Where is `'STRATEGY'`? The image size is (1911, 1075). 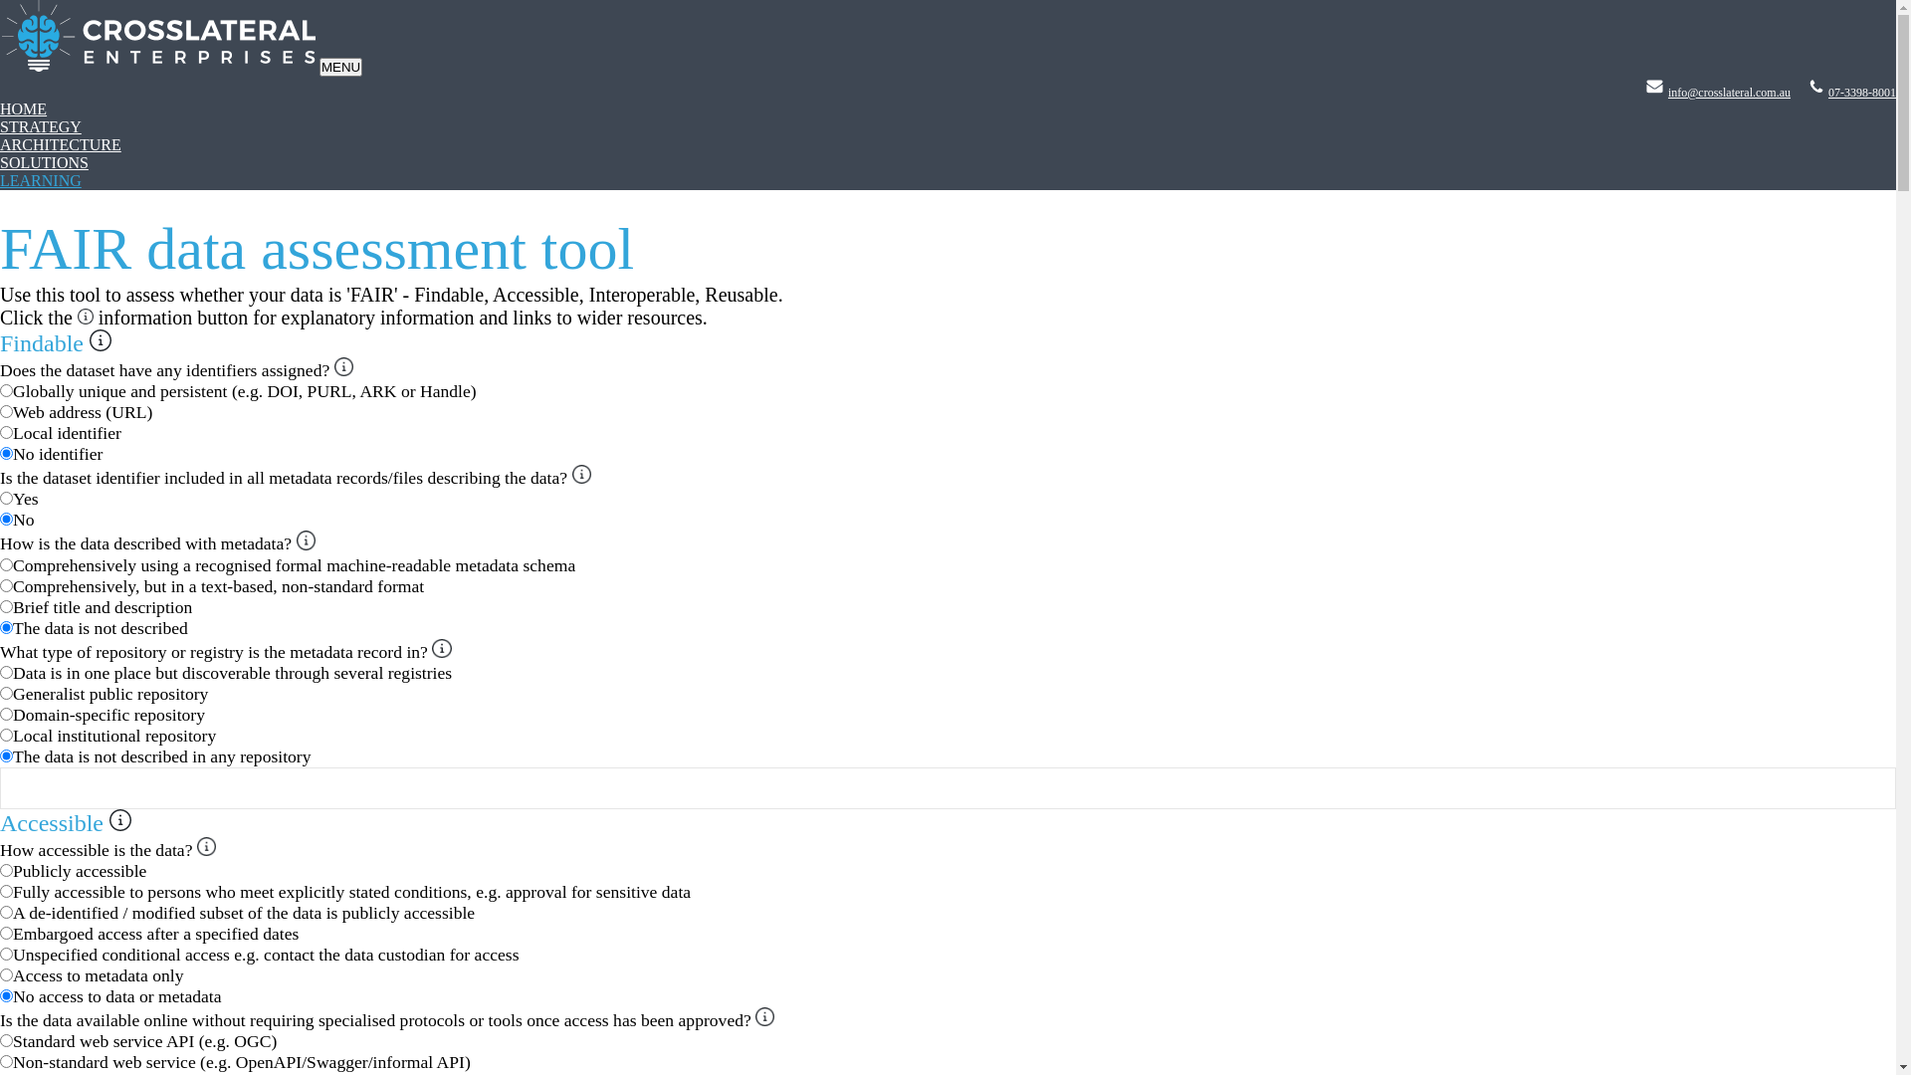
'STRATEGY' is located at coordinates (0, 126).